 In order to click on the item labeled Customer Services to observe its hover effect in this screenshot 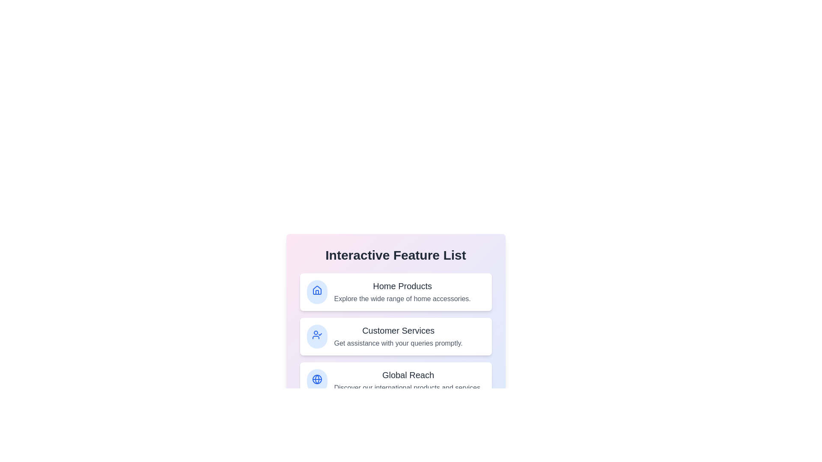, I will do `click(395, 336)`.